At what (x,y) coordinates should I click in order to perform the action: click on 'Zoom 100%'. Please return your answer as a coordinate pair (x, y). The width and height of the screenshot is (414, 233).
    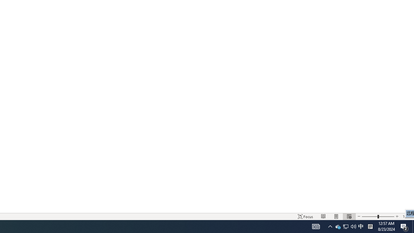
    Looking at the image, I should click on (407, 216).